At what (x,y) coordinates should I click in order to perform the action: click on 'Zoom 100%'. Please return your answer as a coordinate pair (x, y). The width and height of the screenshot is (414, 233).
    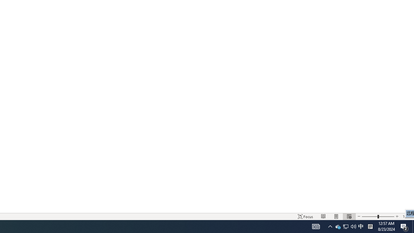
    Looking at the image, I should click on (407, 216).